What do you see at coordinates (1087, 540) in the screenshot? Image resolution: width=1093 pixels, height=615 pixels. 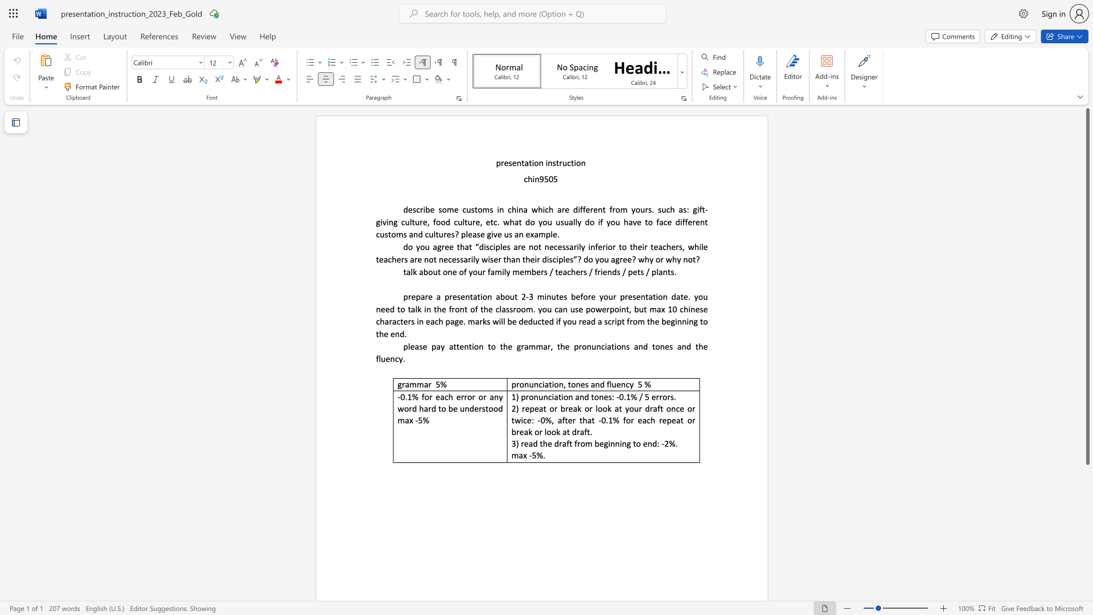 I see `the scrollbar to scroll downward` at bounding box center [1087, 540].